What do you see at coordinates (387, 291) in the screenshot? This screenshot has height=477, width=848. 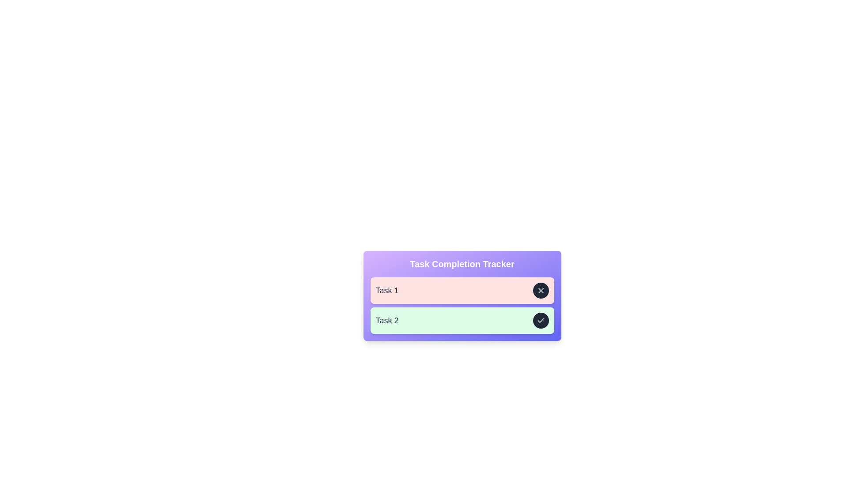 I see `the 'Task 1' label, which is displayed in bold black font on a light pink background` at bounding box center [387, 291].